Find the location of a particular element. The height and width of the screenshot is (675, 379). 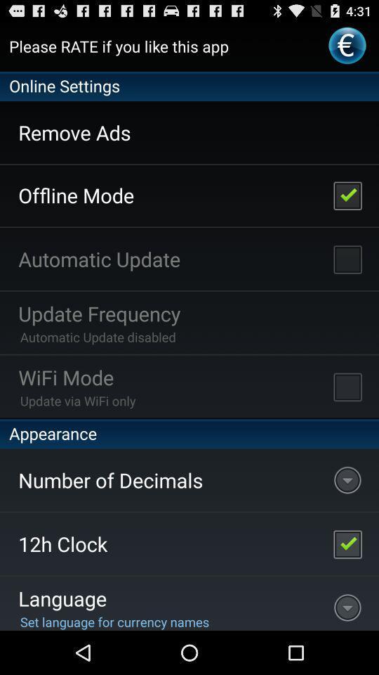

the item next to number of decimals item is located at coordinates (347, 543).